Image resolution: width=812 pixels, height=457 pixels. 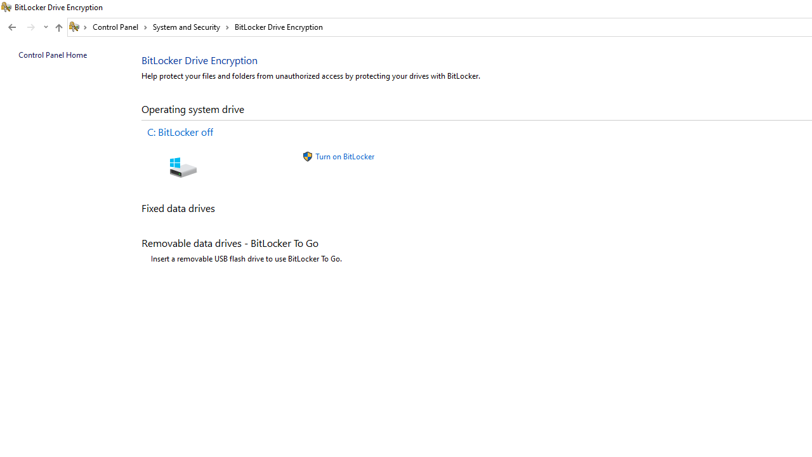 What do you see at coordinates (52, 54) in the screenshot?
I see `'Control Panel Home'` at bounding box center [52, 54].